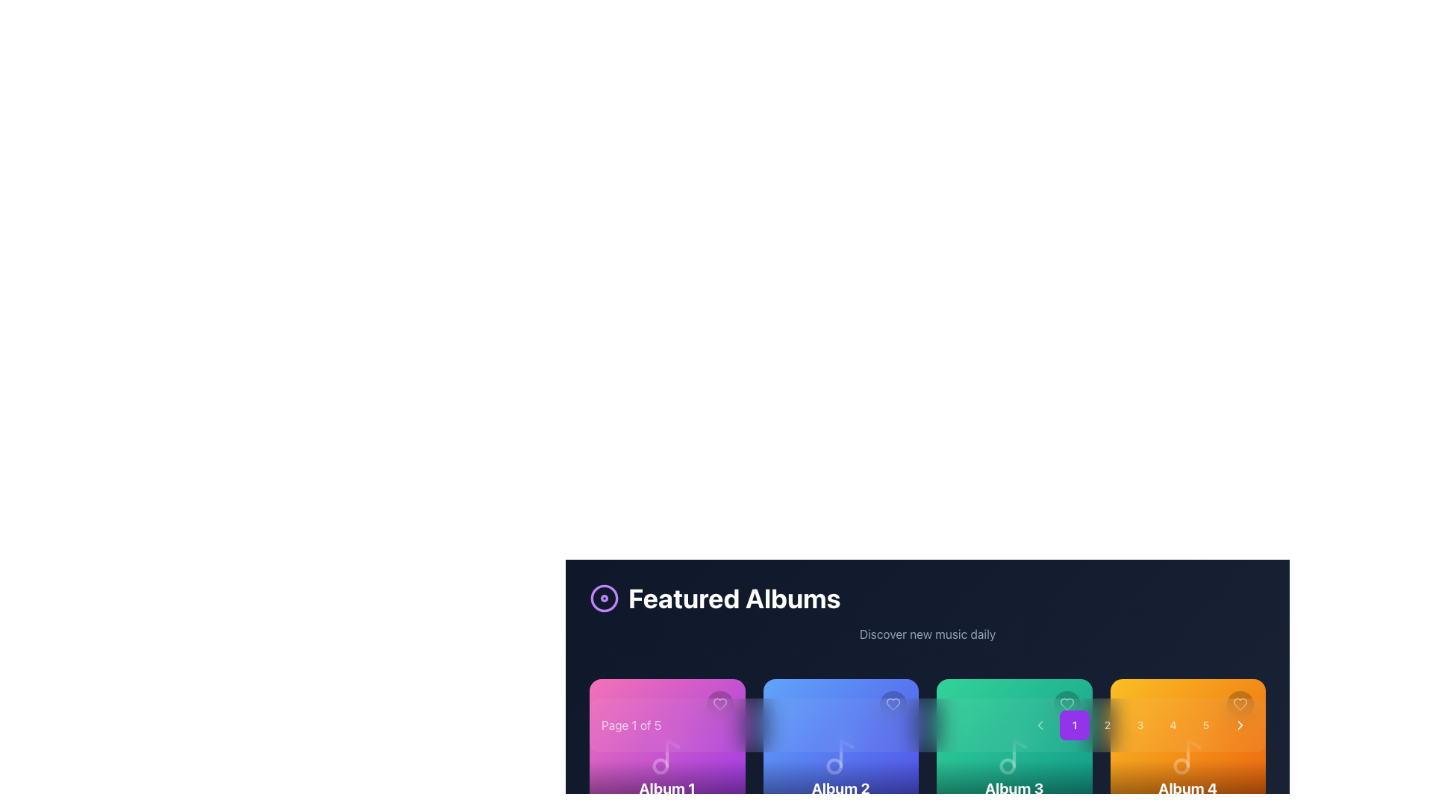 The width and height of the screenshot is (1433, 806). What do you see at coordinates (719, 705) in the screenshot?
I see `the heart icon located in the top-right corner of the first album card in the 'Featured Albums' section` at bounding box center [719, 705].